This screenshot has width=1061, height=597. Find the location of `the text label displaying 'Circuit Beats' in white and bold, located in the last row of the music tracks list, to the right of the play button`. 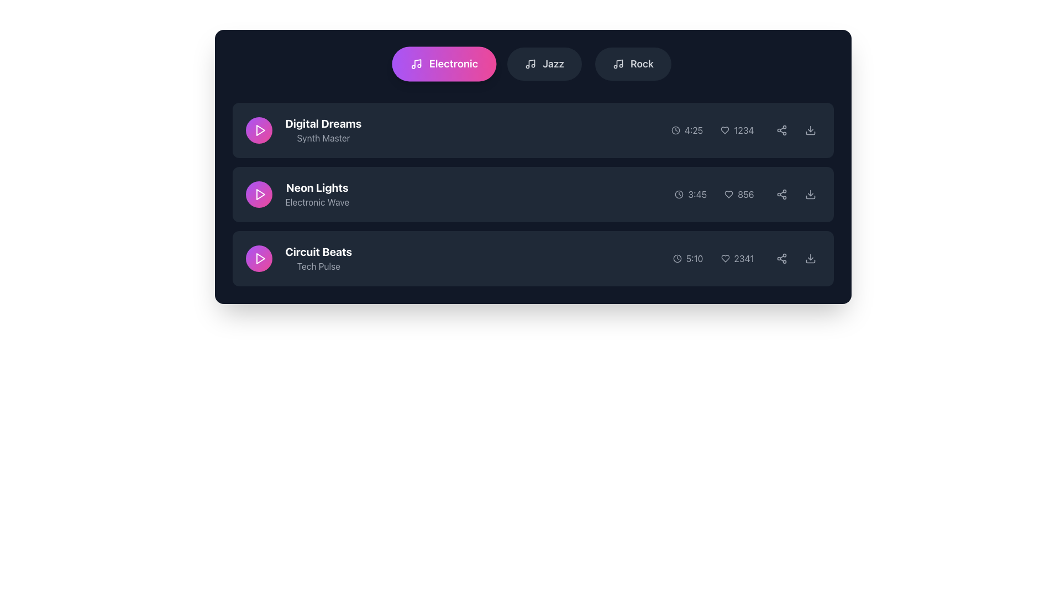

the text label displaying 'Circuit Beats' in white and bold, located in the last row of the music tracks list, to the right of the play button is located at coordinates (318, 258).